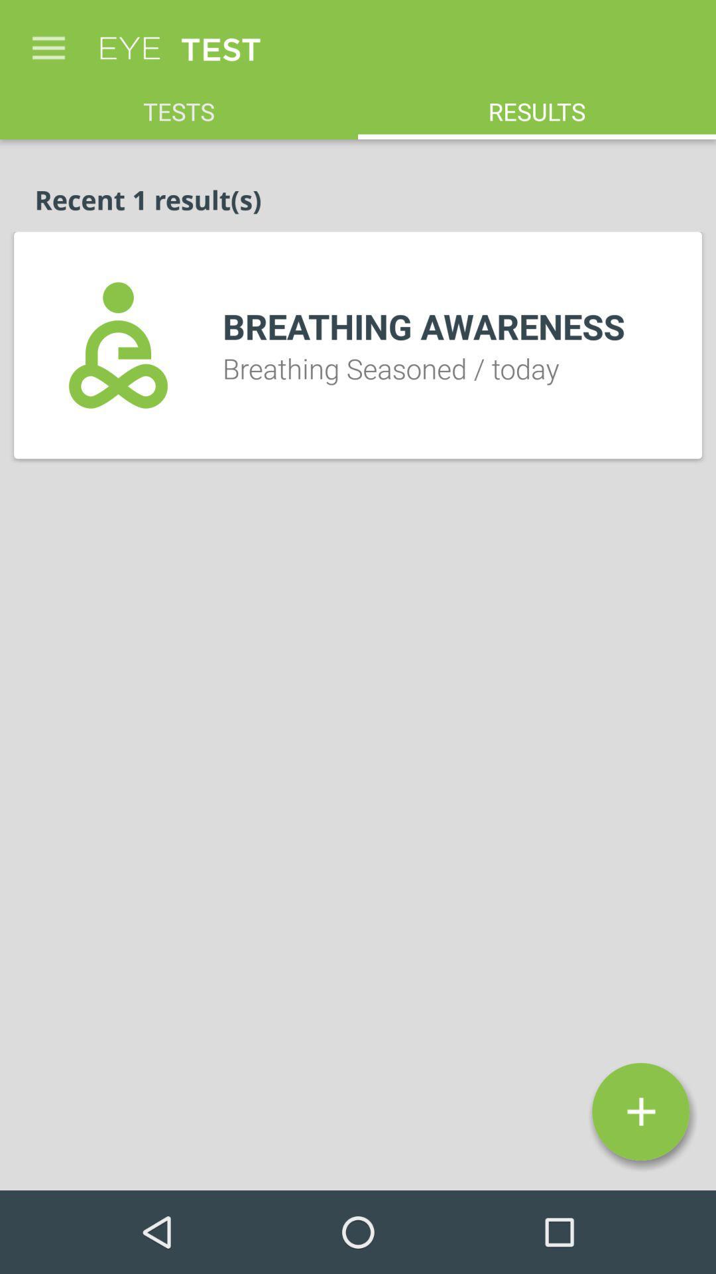 Image resolution: width=716 pixels, height=1274 pixels. What do you see at coordinates (179, 104) in the screenshot?
I see `item above the recent 1 result` at bounding box center [179, 104].